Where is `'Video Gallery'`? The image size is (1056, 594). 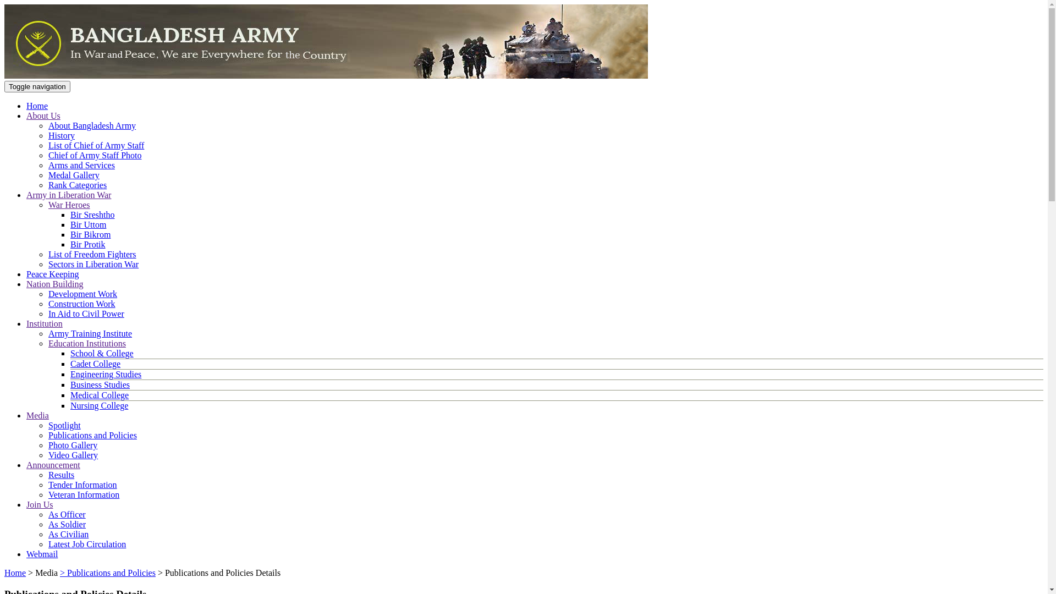
'Video Gallery' is located at coordinates (73, 455).